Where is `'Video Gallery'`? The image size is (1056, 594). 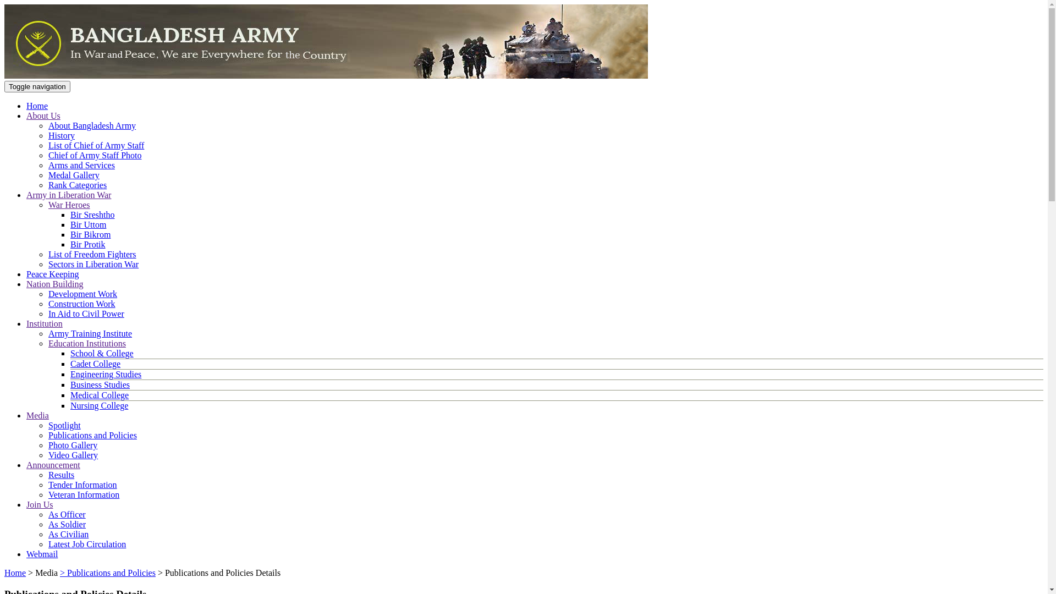
'Video Gallery' is located at coordinates (73, 455).